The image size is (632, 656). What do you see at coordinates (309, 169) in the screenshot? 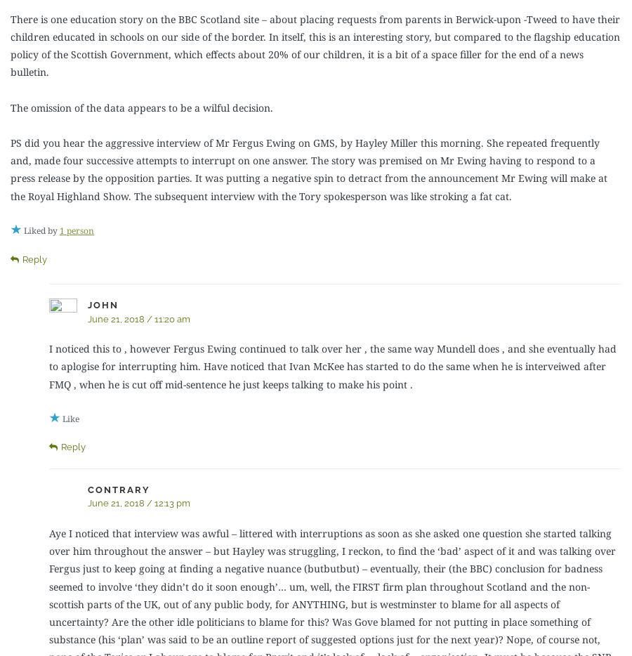
I see `'PS did you hear the aggressive interview of Mr Fergus Ewing on GMS, by Hayley Miller this morning. She repeated frequently and, made four successive attempts to interrupt on one answer. The story was premised on Mr Ewing having to respond to a press release by the opposition parties. It was putting a negative spin to detract from the announcement Mr Ewing will make at the Royal Highland Show. The subsequent interview with the Tory spokesperson was like stroking a fat cat.'` at bounding box center [309, 169].